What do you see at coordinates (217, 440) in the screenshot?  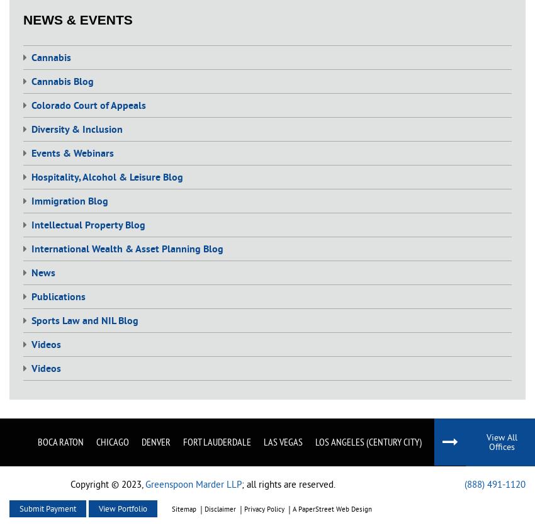 I see `'Fort Lauderdale'` at bounding box center [217, 440].